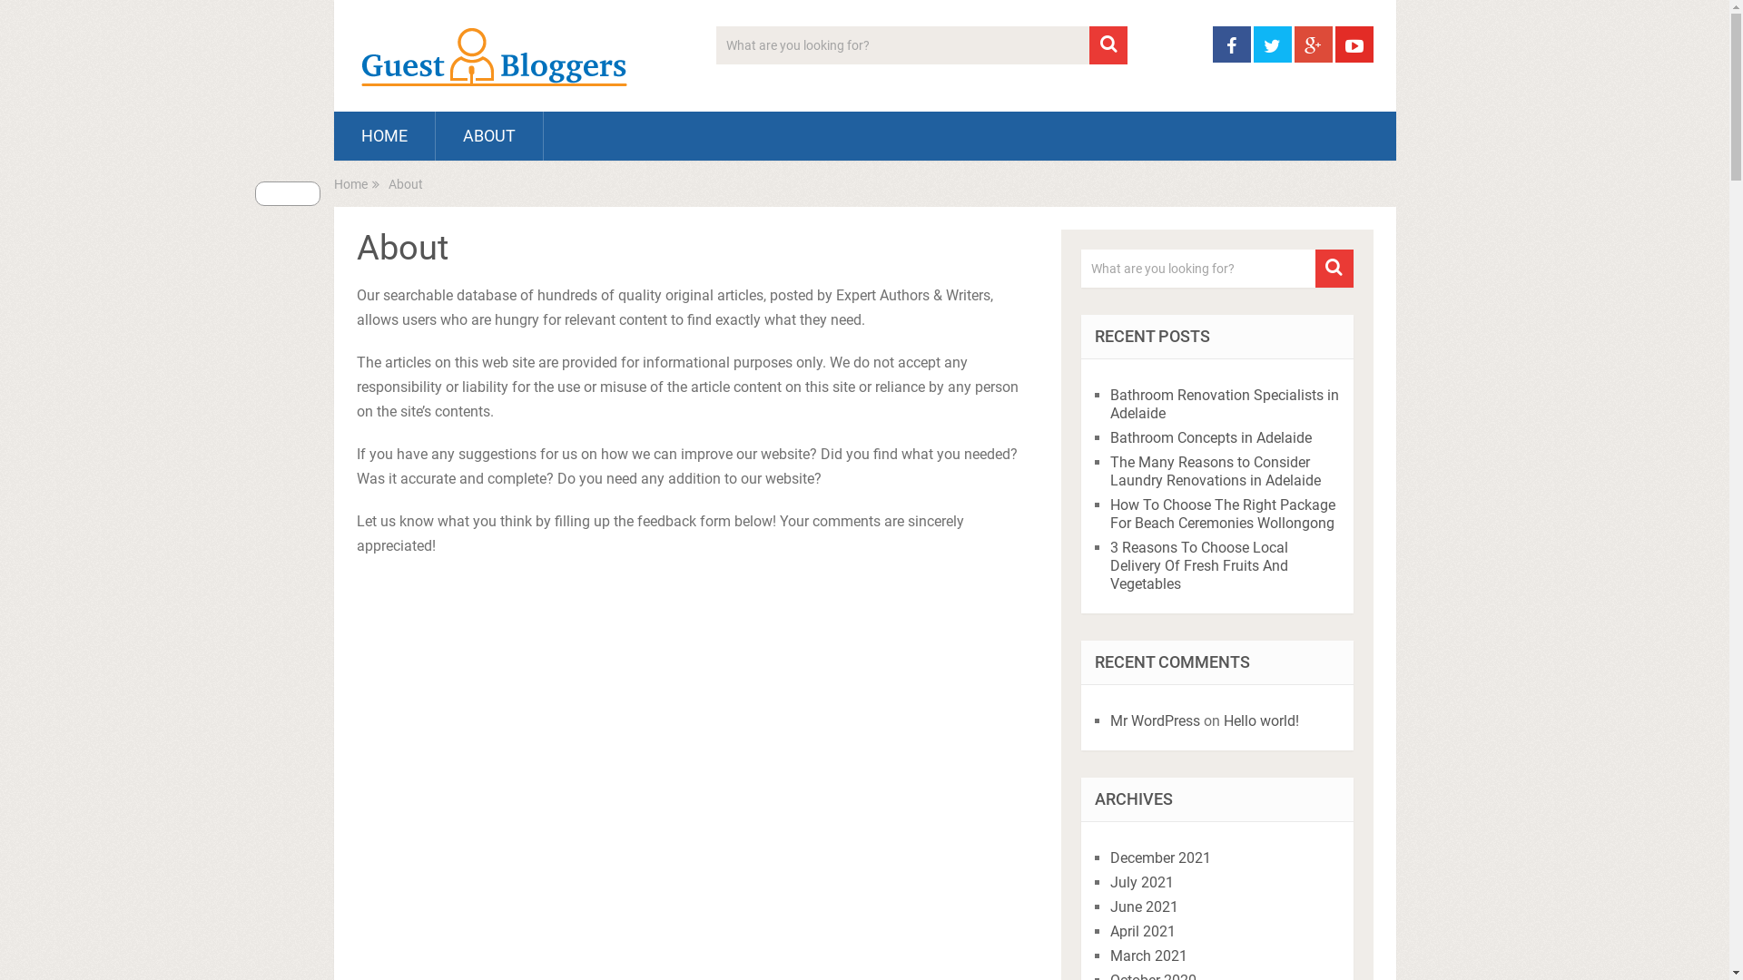 This screenshot has height=980, width=1743. What do you see at coordinates (1154, 720) in the screenshot?
I see `'Mr WordPress'` at bounding box center [1154, 720].